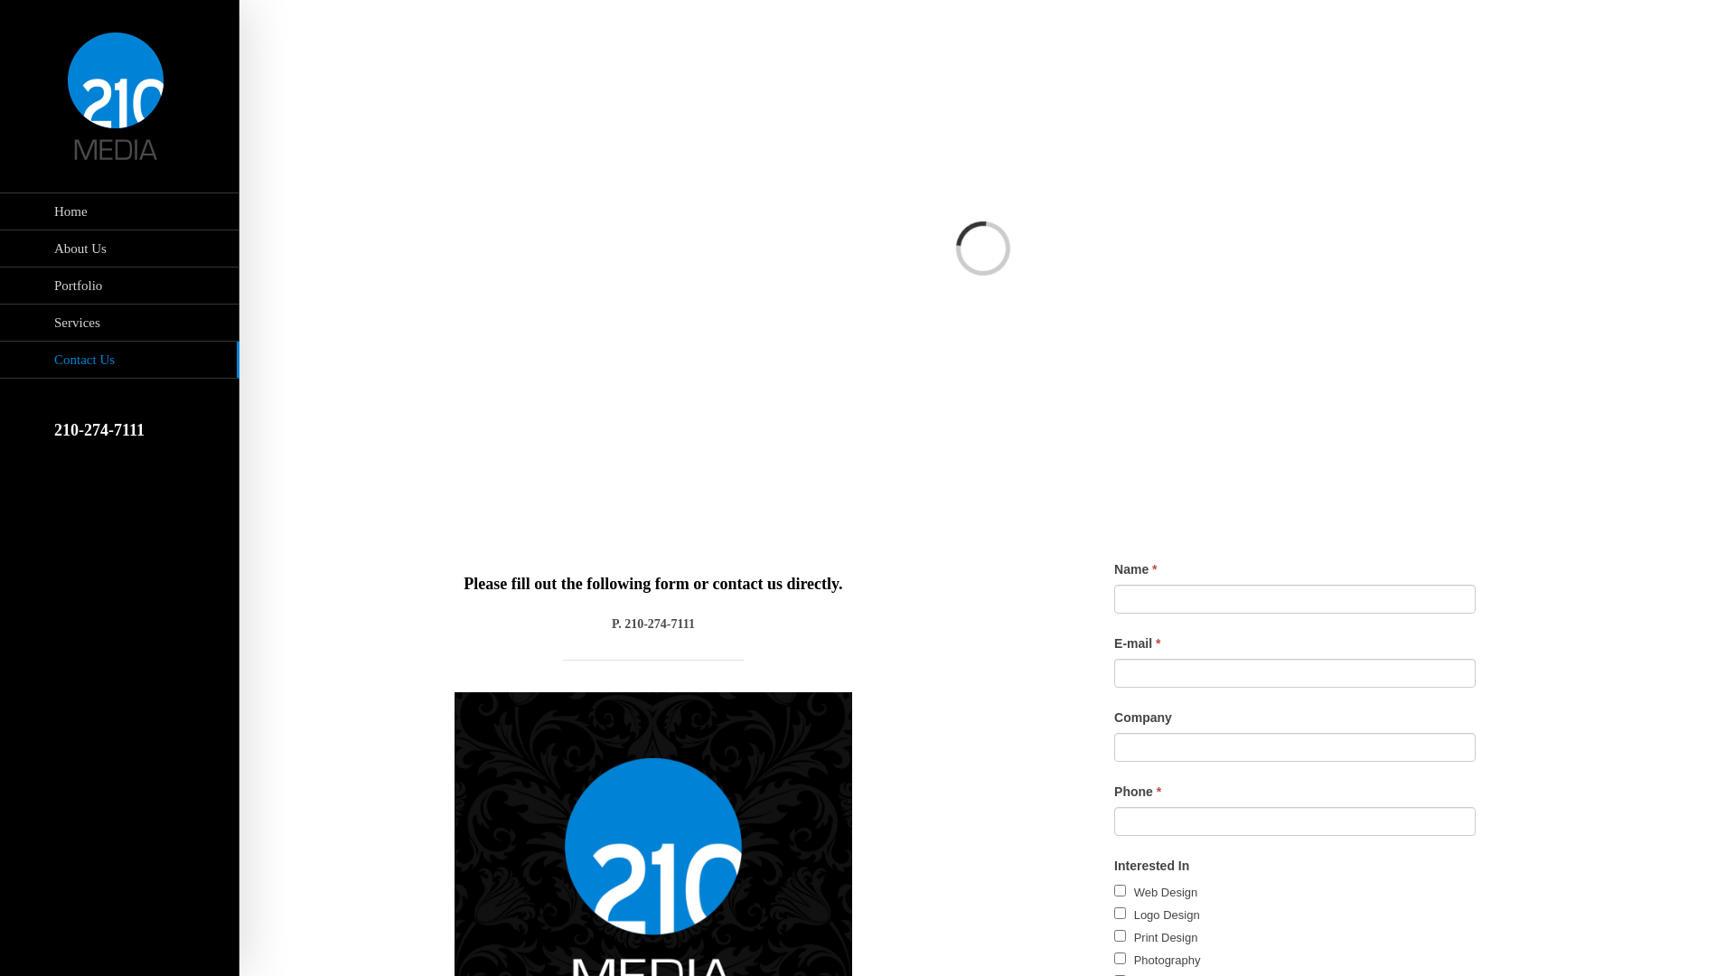  Describe the element at coordinates (118, 249) in the screenshot. I see `'About Us'` at that location.